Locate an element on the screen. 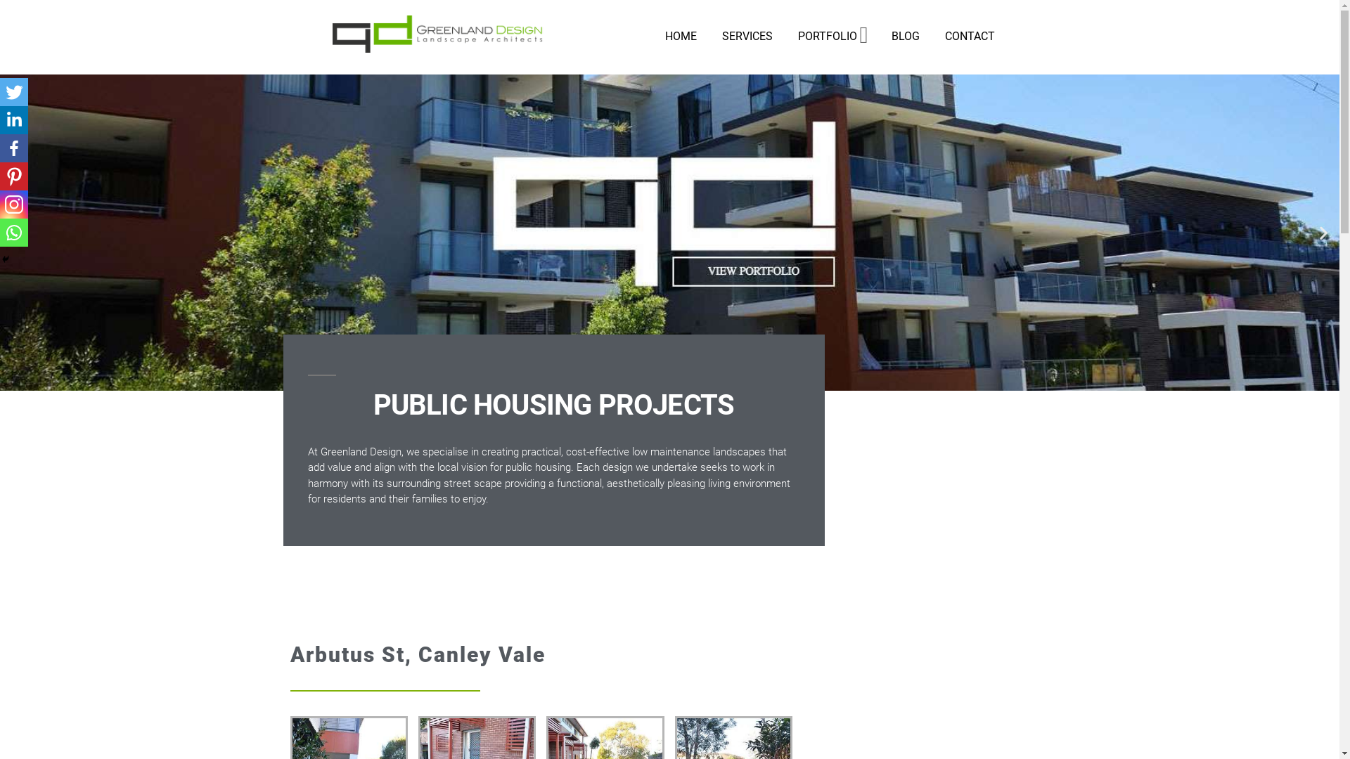 The width and height of the screenshot is (1350, 759). 'PORTFOLIO' is located at coordinates (827, 36).